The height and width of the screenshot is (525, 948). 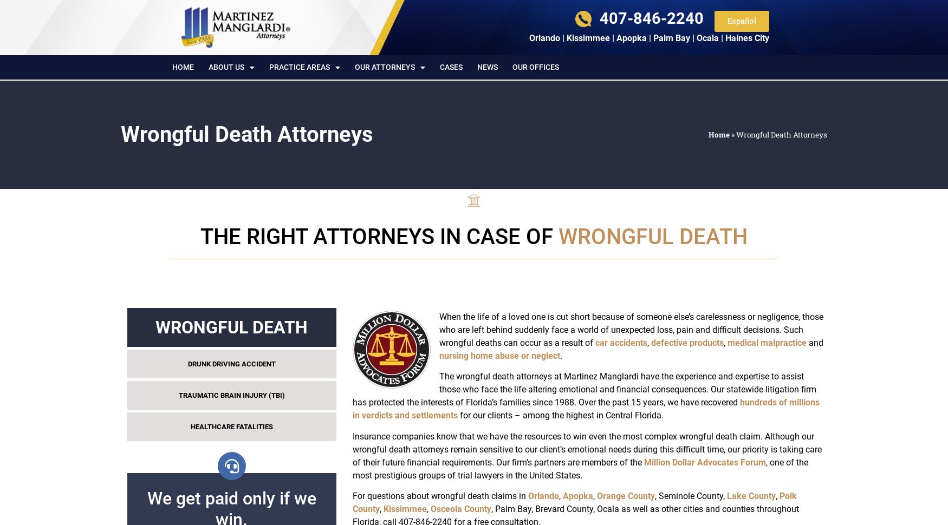 I want to click on 'Cases', so click(x=451, y=67).